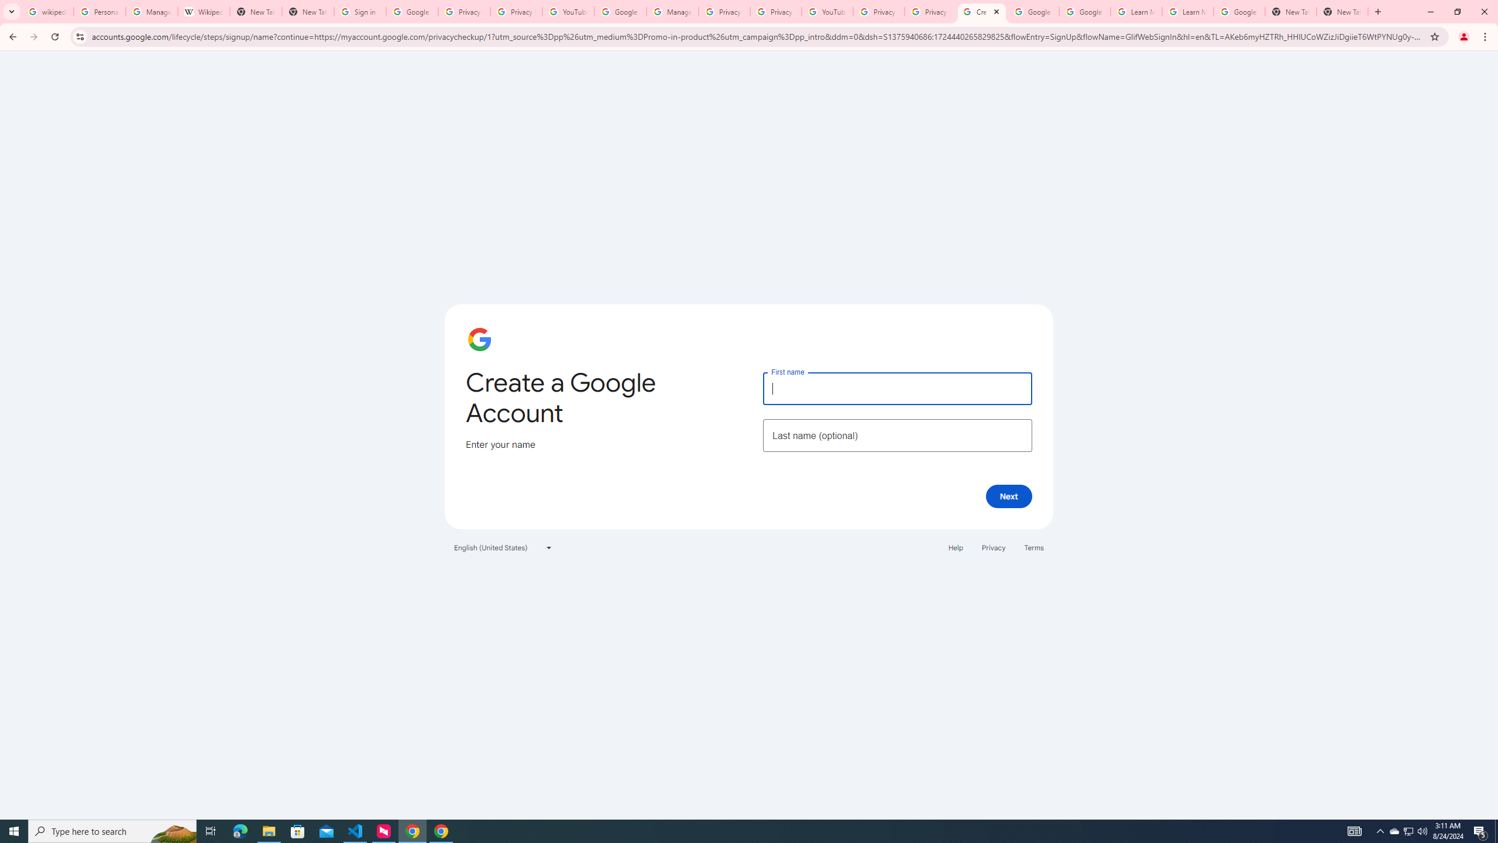  I want to click on 'New Tab', so click(1341, 11).